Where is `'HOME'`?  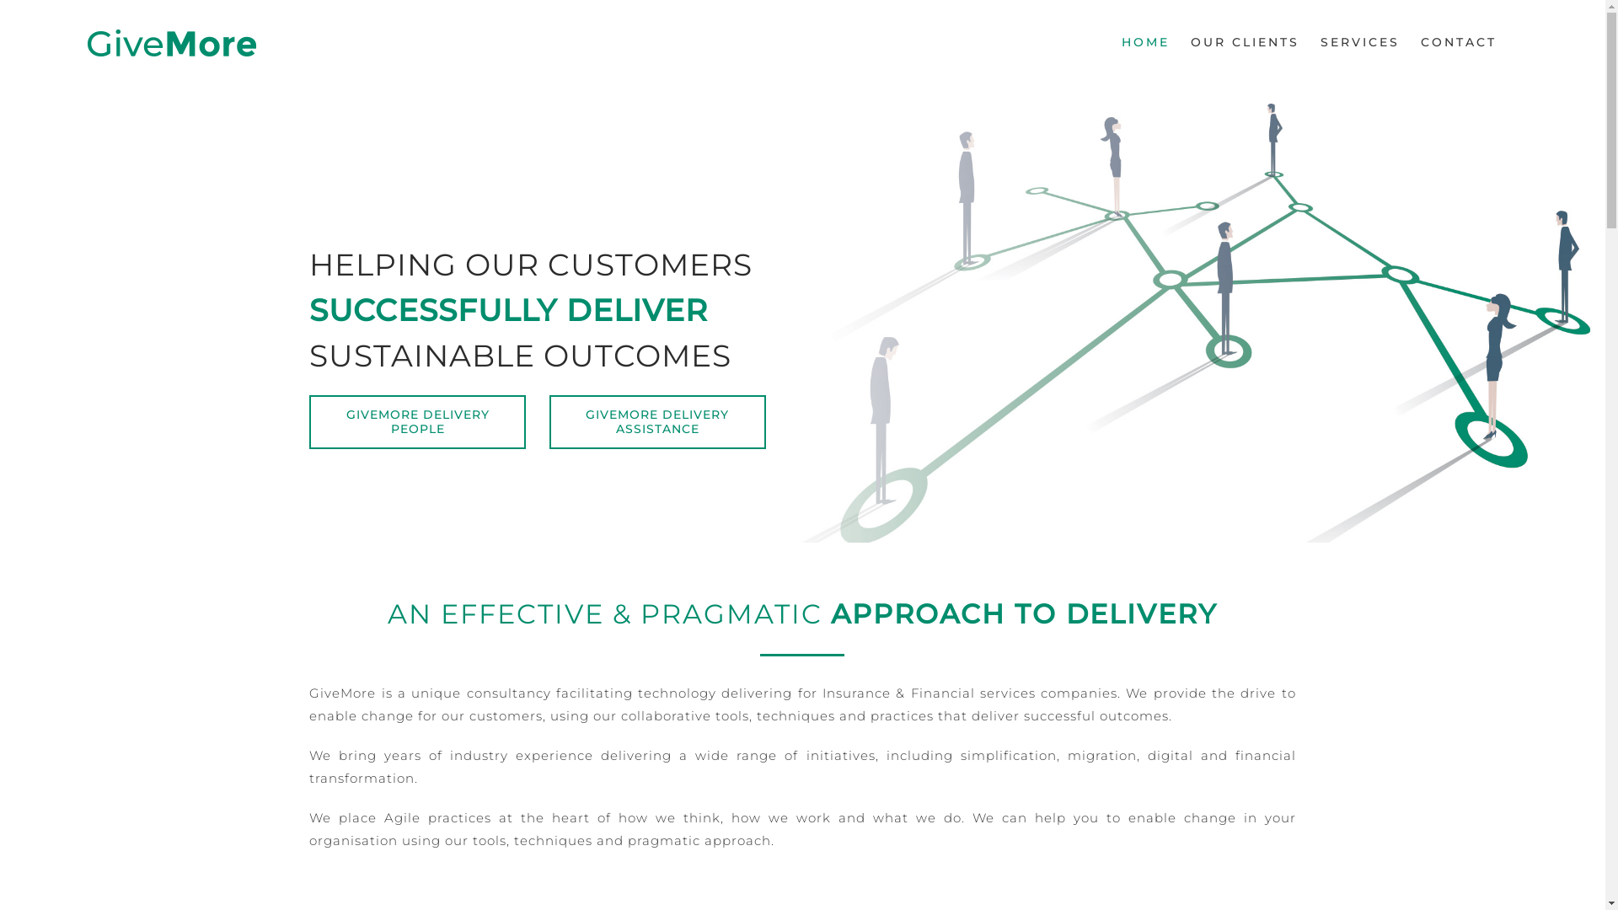
'HOME' is located at coordinates (1145, 40).